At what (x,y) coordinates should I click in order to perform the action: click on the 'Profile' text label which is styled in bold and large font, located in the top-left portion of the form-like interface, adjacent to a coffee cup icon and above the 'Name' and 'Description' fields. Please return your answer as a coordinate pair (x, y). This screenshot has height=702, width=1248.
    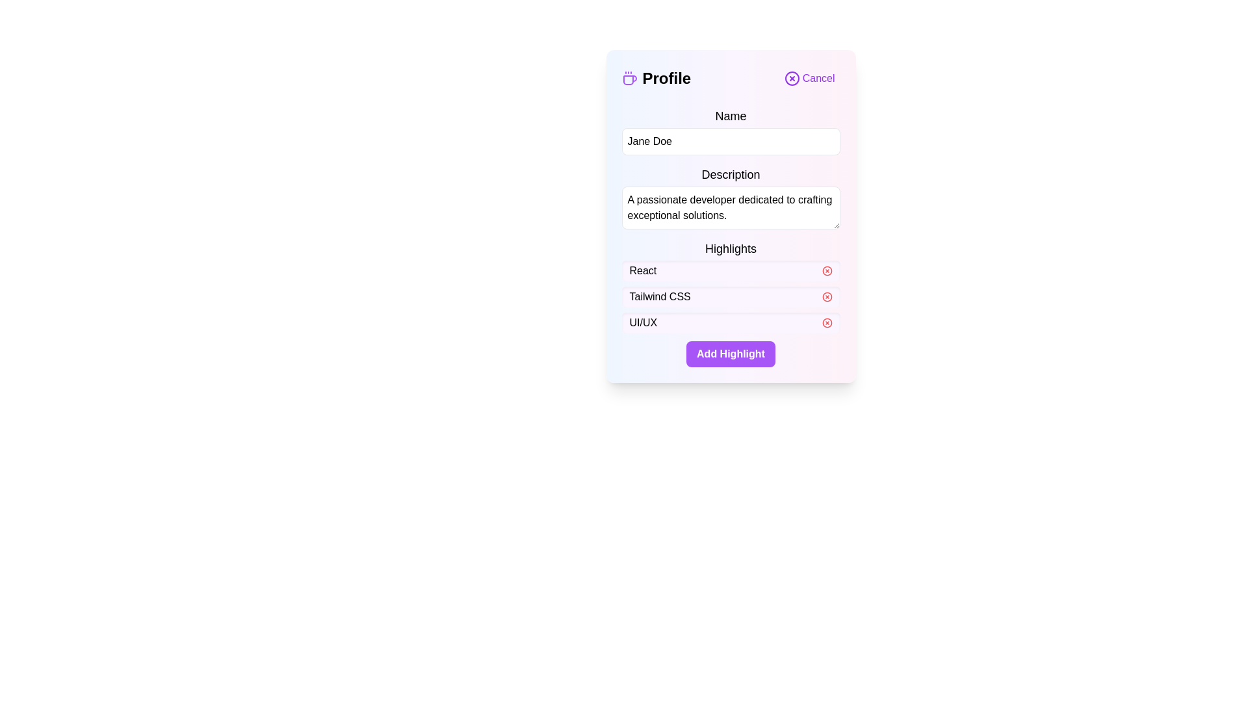
    Looking at the image, I should click on (656, 78).